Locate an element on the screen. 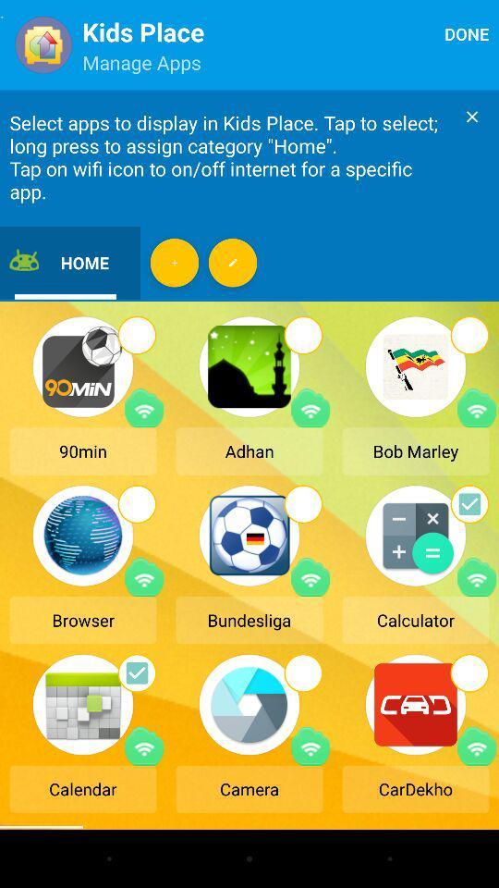 This screenshot has width=499, height=888. wifi icon on/off is located at coordinates (310, 576).